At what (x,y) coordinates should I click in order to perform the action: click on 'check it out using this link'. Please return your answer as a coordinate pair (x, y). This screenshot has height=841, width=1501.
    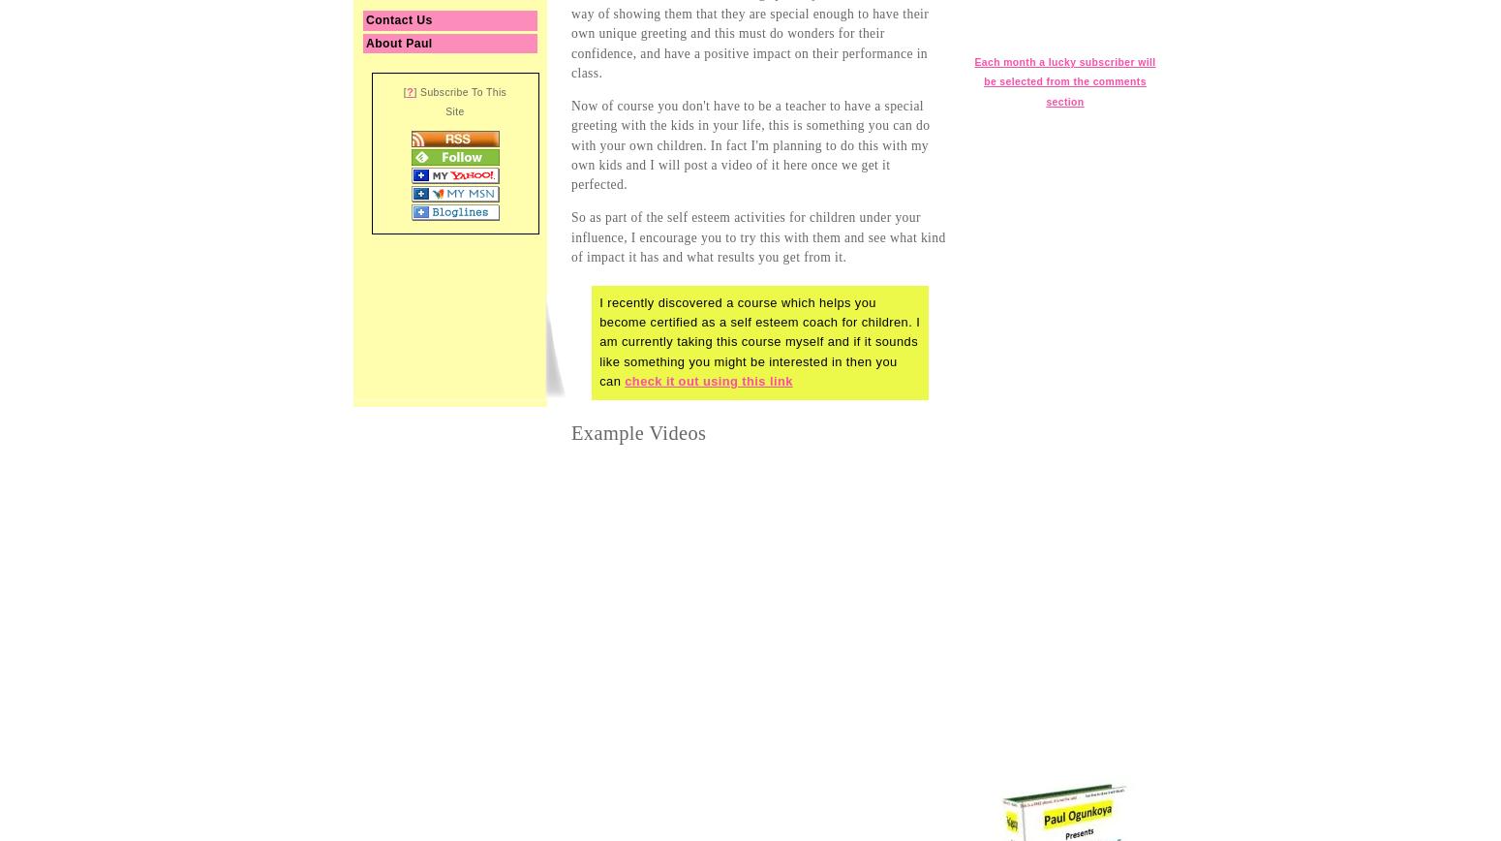
    Looking at the image, I should click on (623, 381).